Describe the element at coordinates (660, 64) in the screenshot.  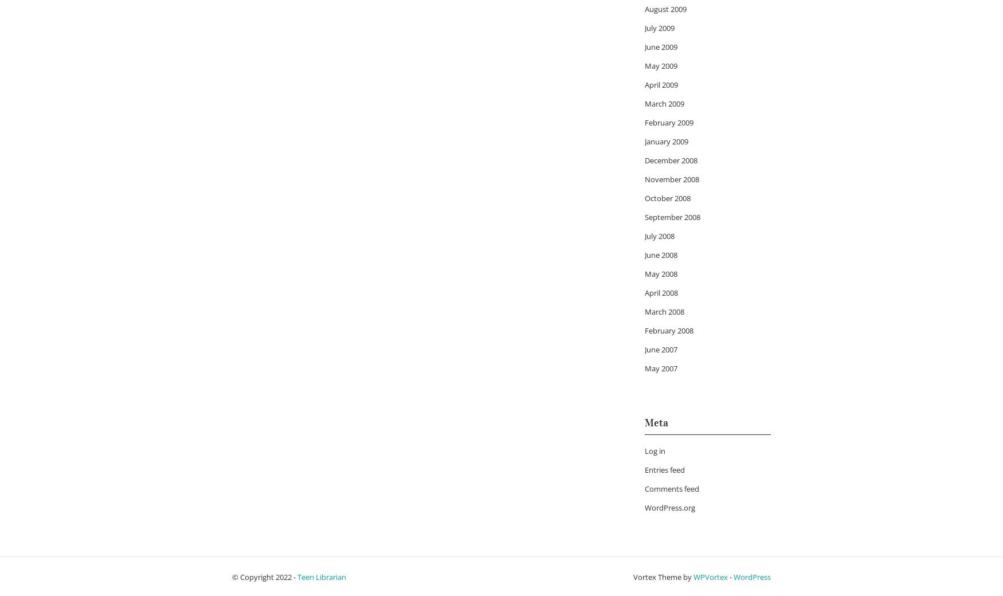
I see `'May 2009'` at that location.